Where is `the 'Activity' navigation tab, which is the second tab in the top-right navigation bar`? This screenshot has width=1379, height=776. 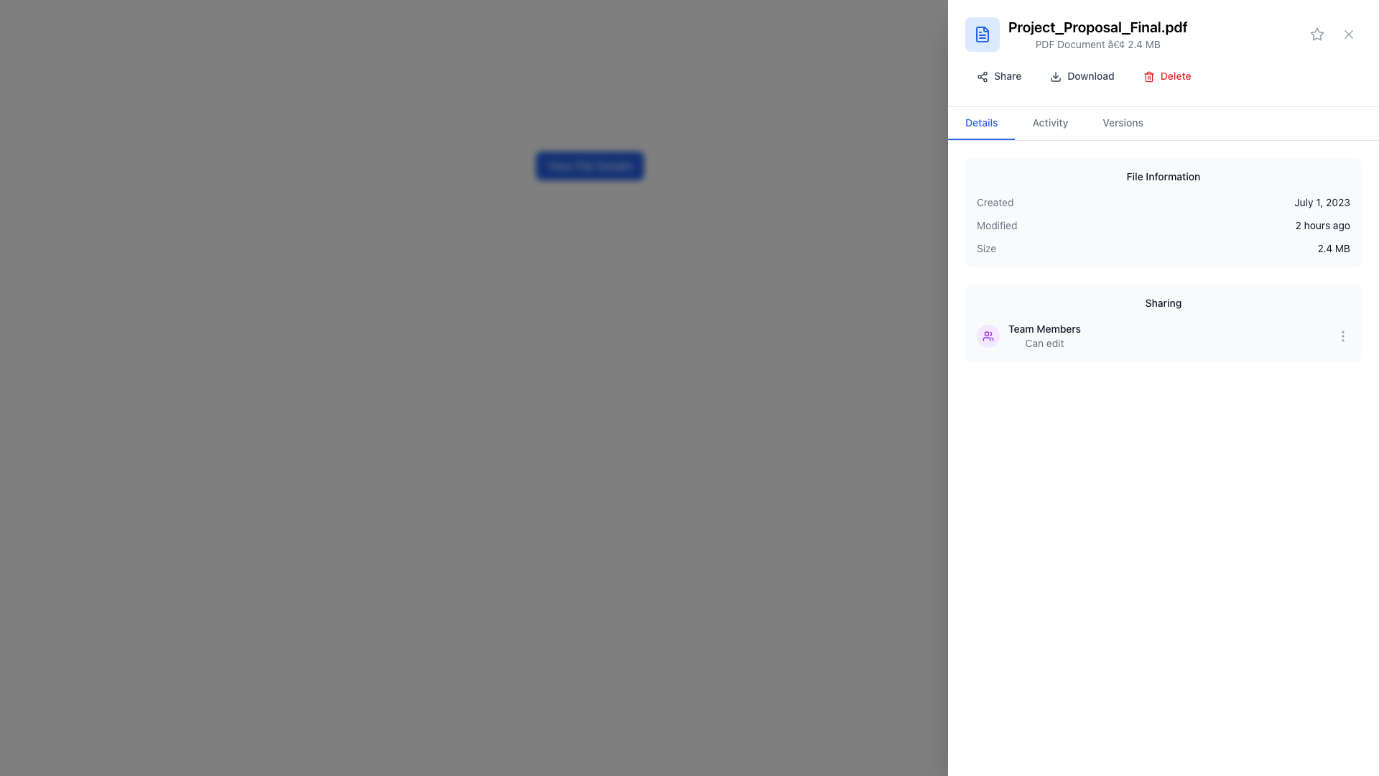
the 'Activity' navigation tab, which is the second tab in the top-right navigation bar is located at coordinates (1050, 123).